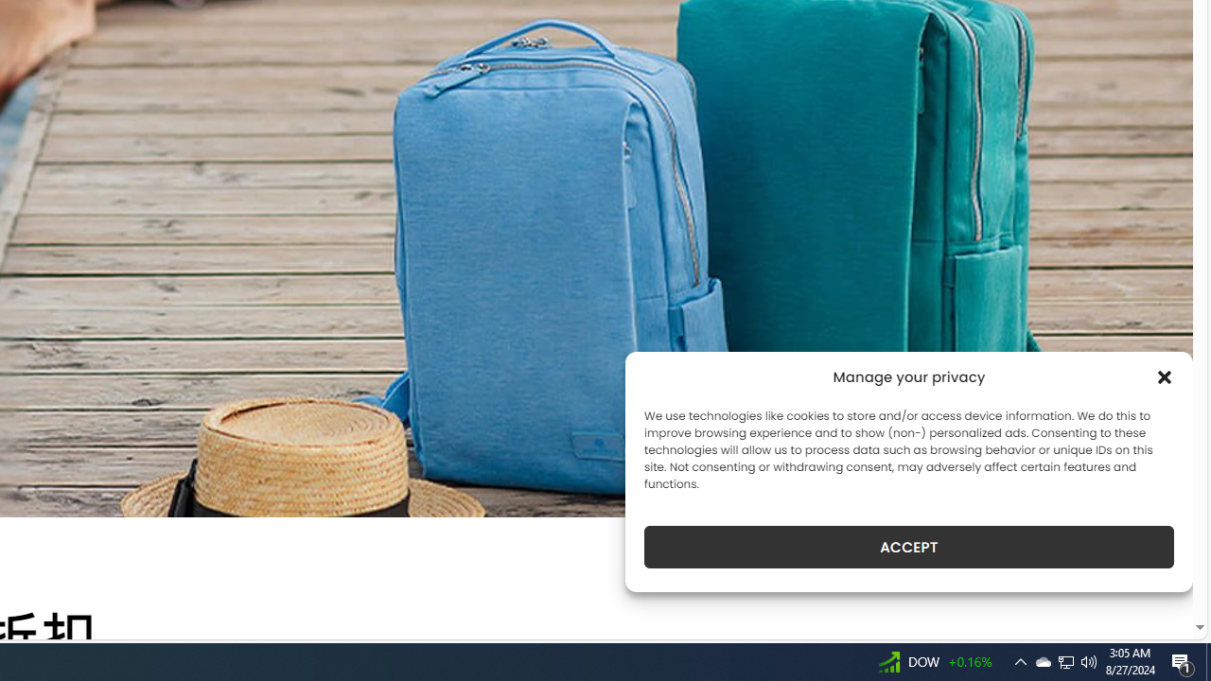 The image size is (1211, 681). What do you see at coordinates (909, 547) in the screenshot?
I see `'ACCEPT'` at bounding box center [909, 547].